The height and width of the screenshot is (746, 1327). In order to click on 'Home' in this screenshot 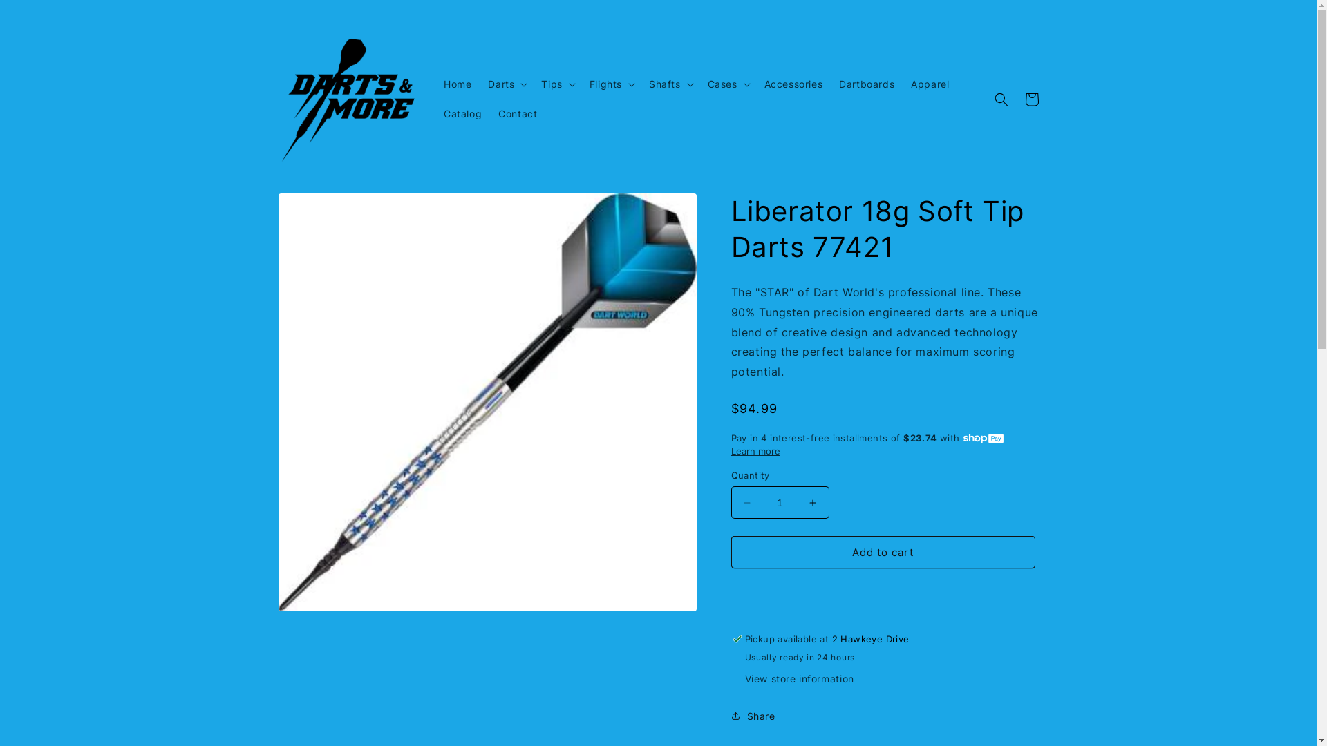, I will do `click(458, 84)`.